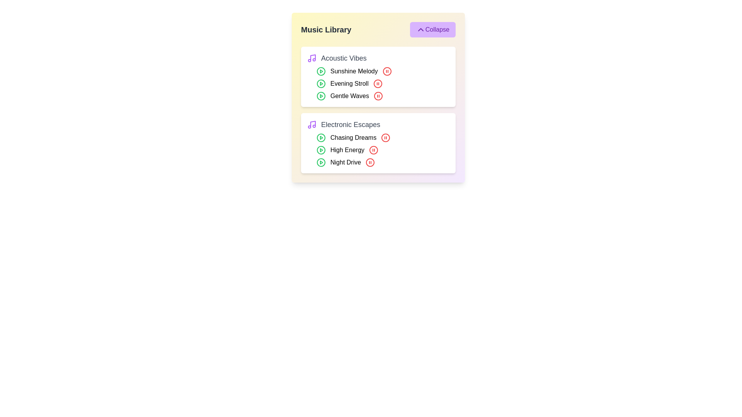 This screenshot has width=742, height=417. I want to click on the 'Collapse' button to toggle the library's expanded state, so click(432, 29).